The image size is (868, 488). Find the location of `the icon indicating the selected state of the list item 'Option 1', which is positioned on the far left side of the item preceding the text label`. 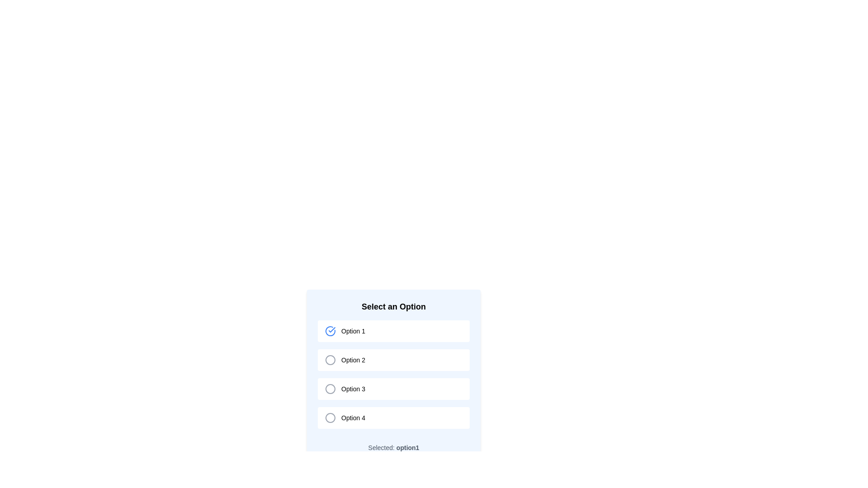

the icon indicating the selected state of the list item 'Option 1', which is positioned on the far left side of the item preceding the text label is located at coordinates (330, 331).